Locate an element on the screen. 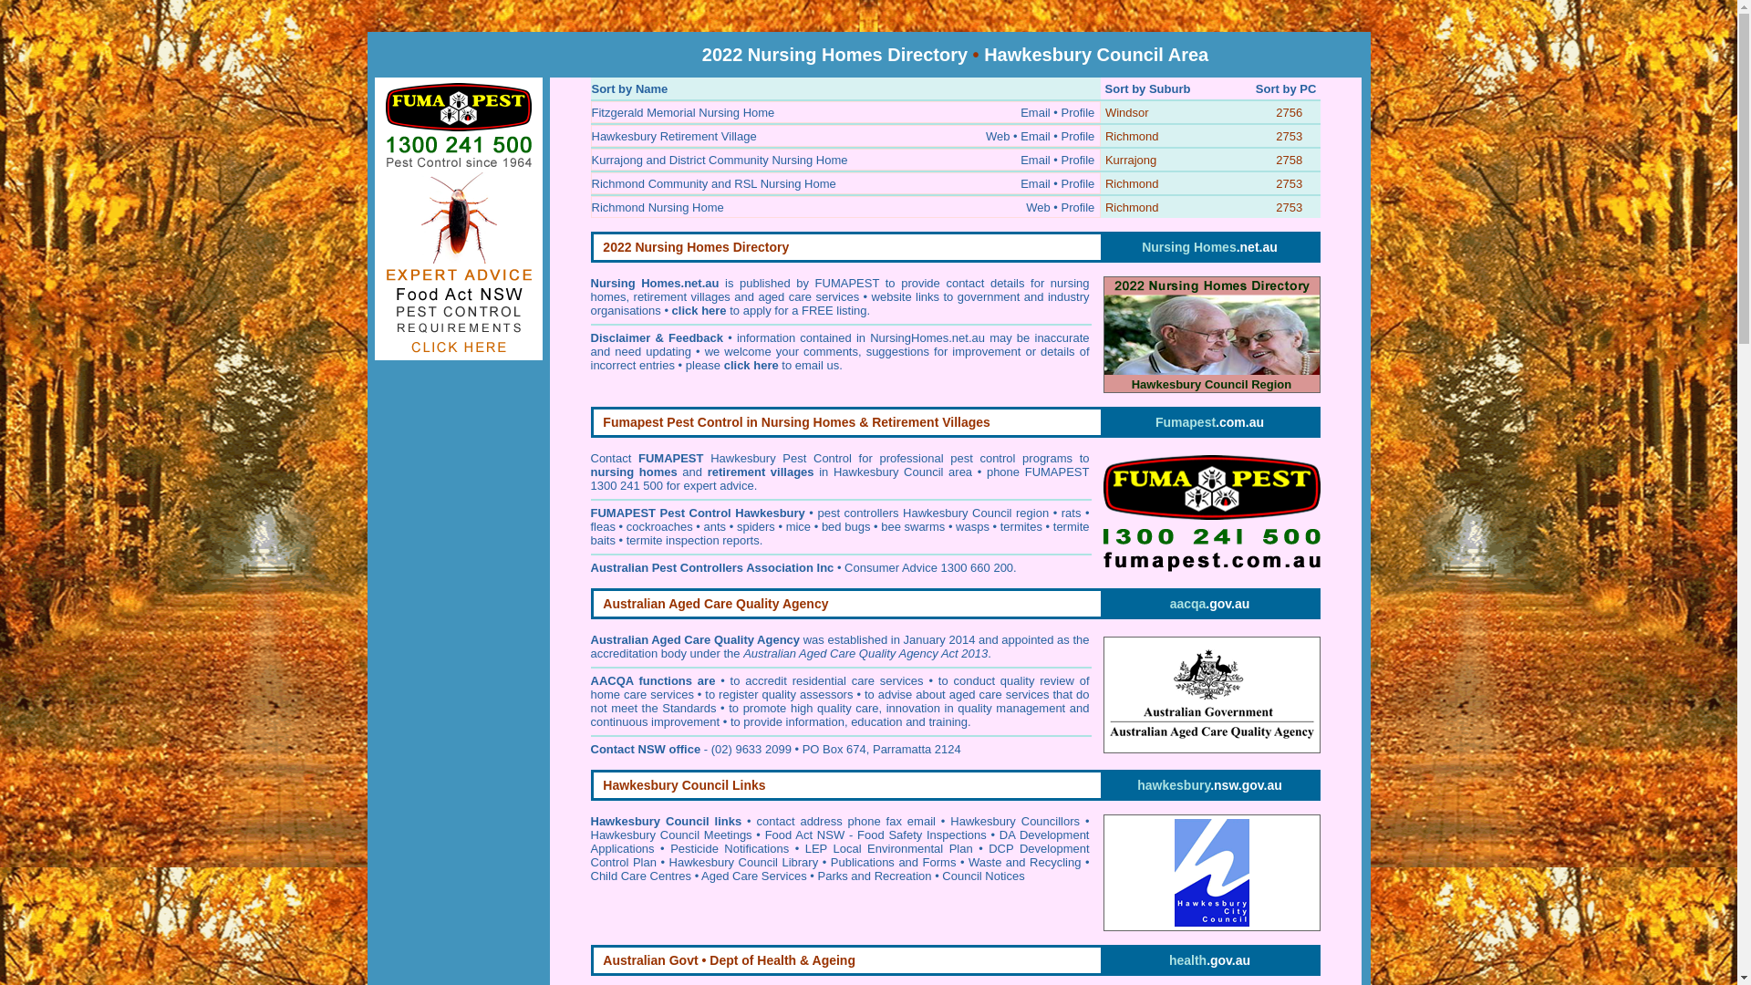  'Hawkesbury Council Library' is located at coordinates (744, 862).